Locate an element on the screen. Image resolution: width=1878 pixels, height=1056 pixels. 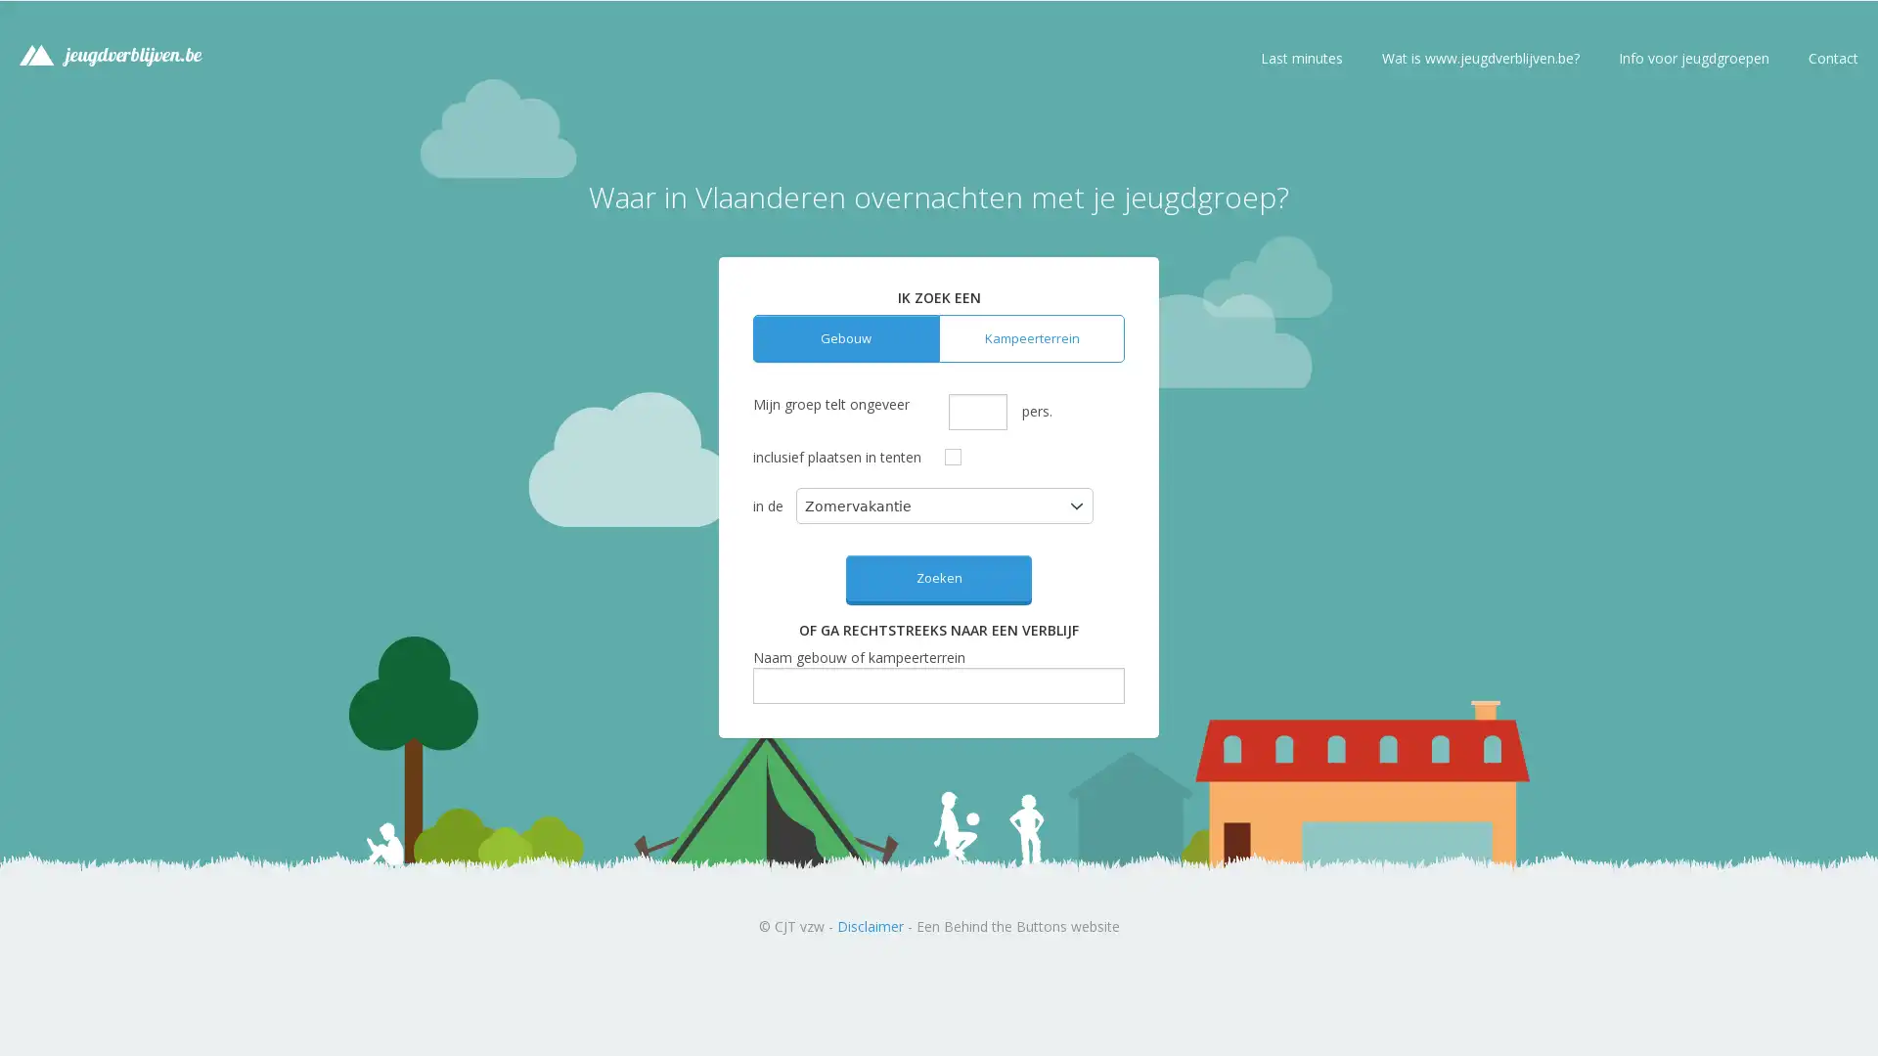
Zoeken is located at coordinates (939, 577).